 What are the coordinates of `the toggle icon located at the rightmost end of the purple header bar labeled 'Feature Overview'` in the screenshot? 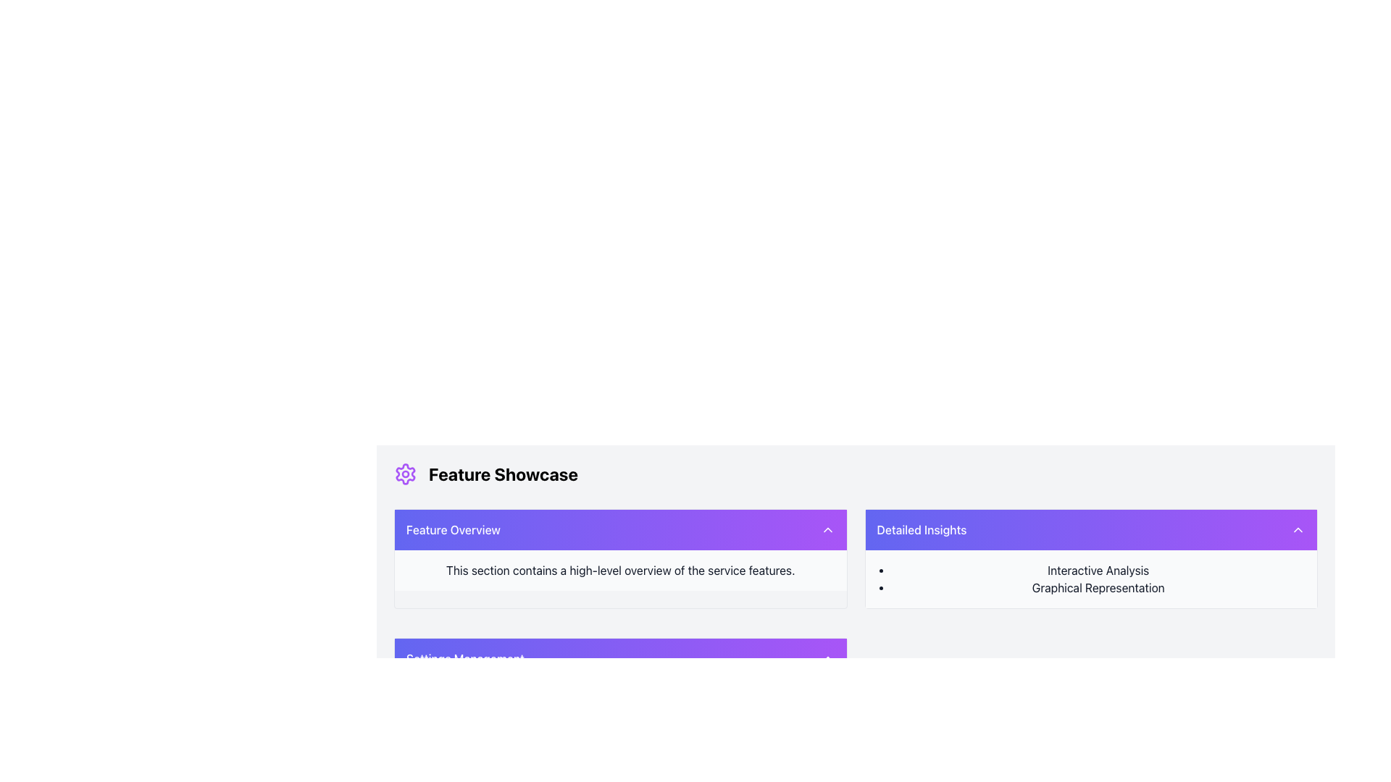 It's located at (827, 530).